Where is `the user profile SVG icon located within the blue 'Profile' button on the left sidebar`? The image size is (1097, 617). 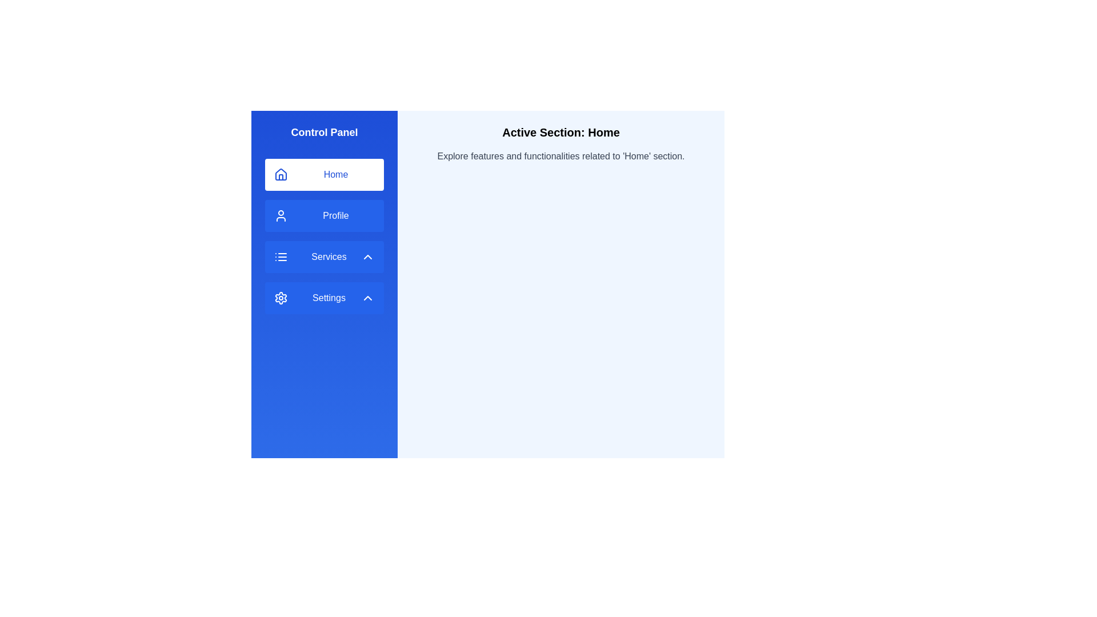 the user profile SVG icon located within the blue 'Profile' button on the left sidebar is located at coordinates (281, 216).